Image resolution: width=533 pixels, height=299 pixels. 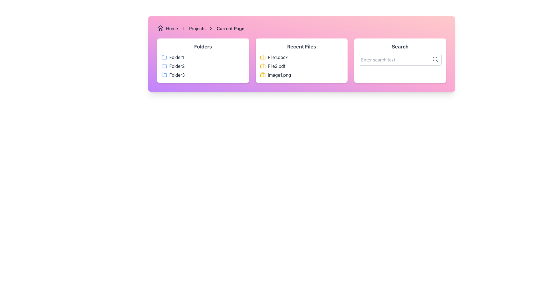 What do you see at coordinates (164, 75) in the screenshot?
I see `the third folder icon under the 'Folders' heading in the top section of the interface` at bounding box center [164, 75].